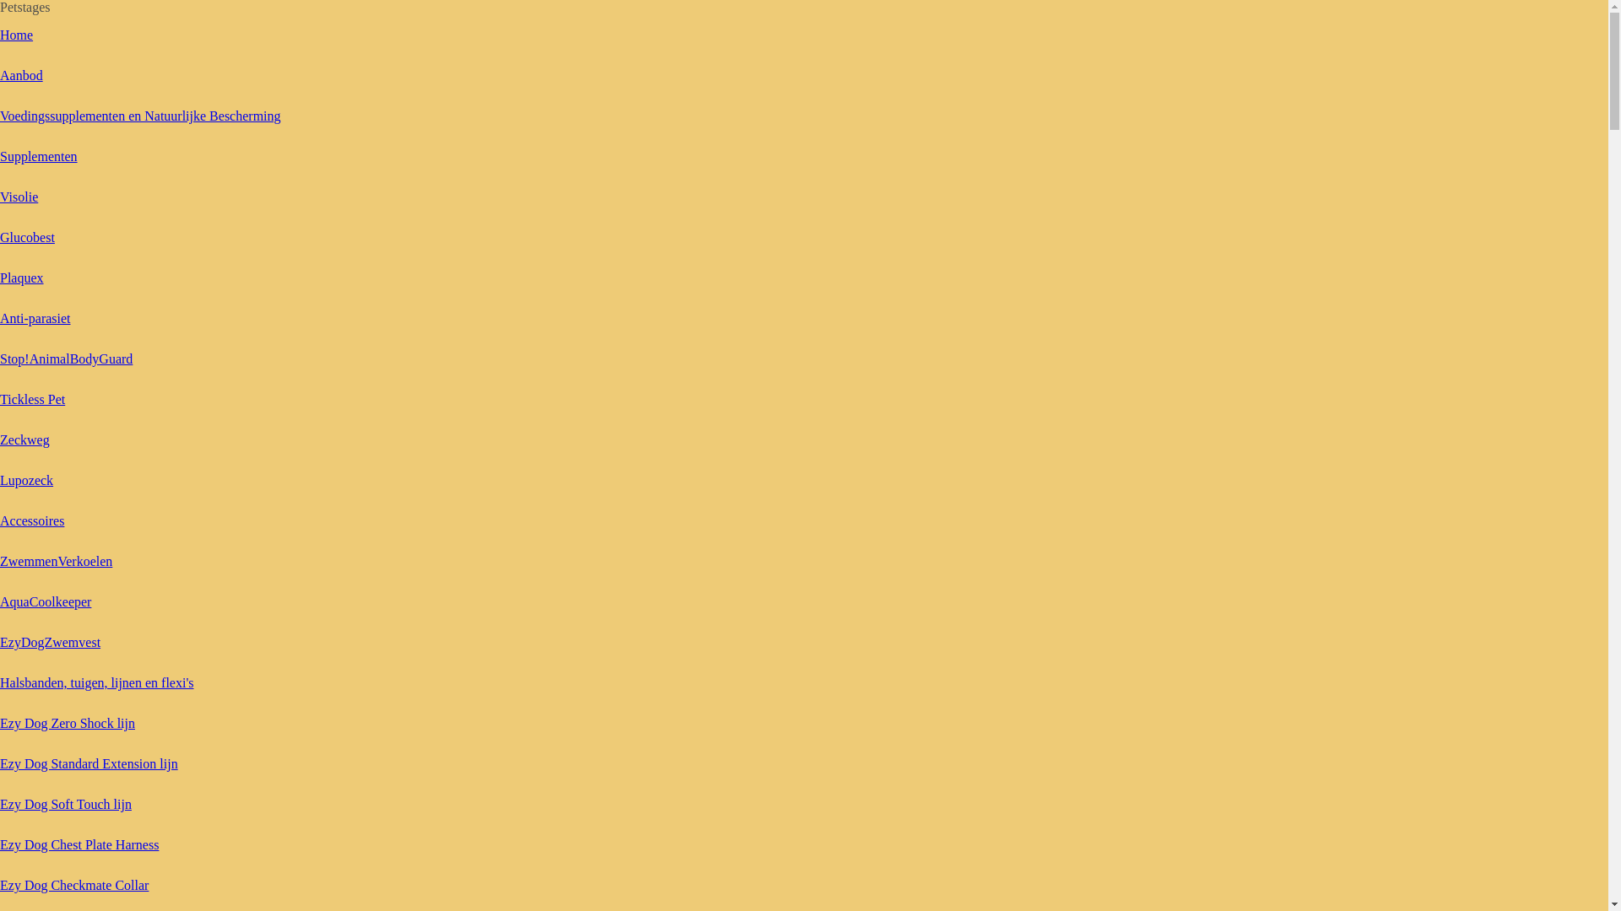  I want to click on 'Ezy Dog Standard Extension lijn', so click(0, 763).